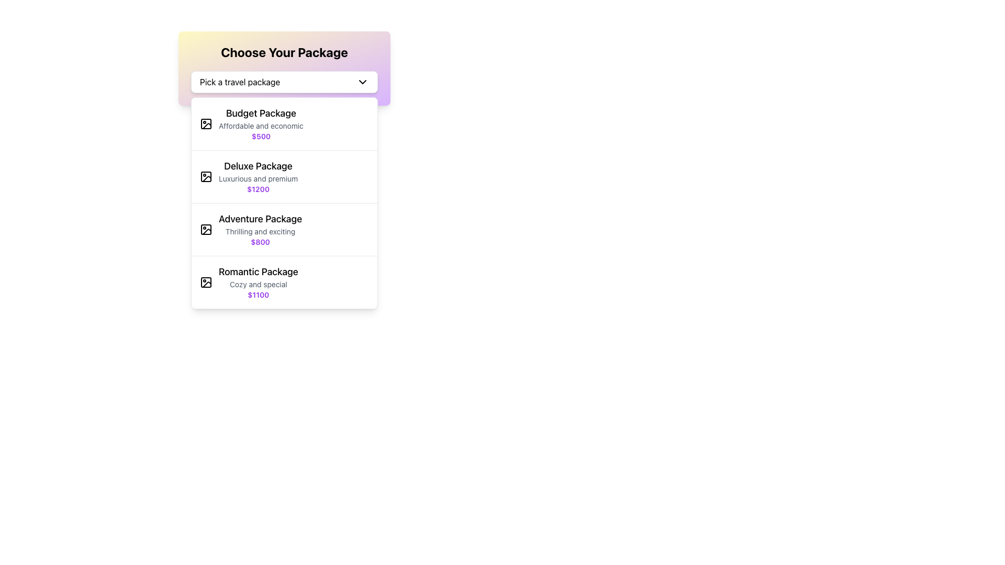 The width and height of the screenshot is (1005, 565). Describe the element at coordinates (284, 282) in the screenshot. I see `the fourth item in the dropdown list representing the romantic travel package` at that location.